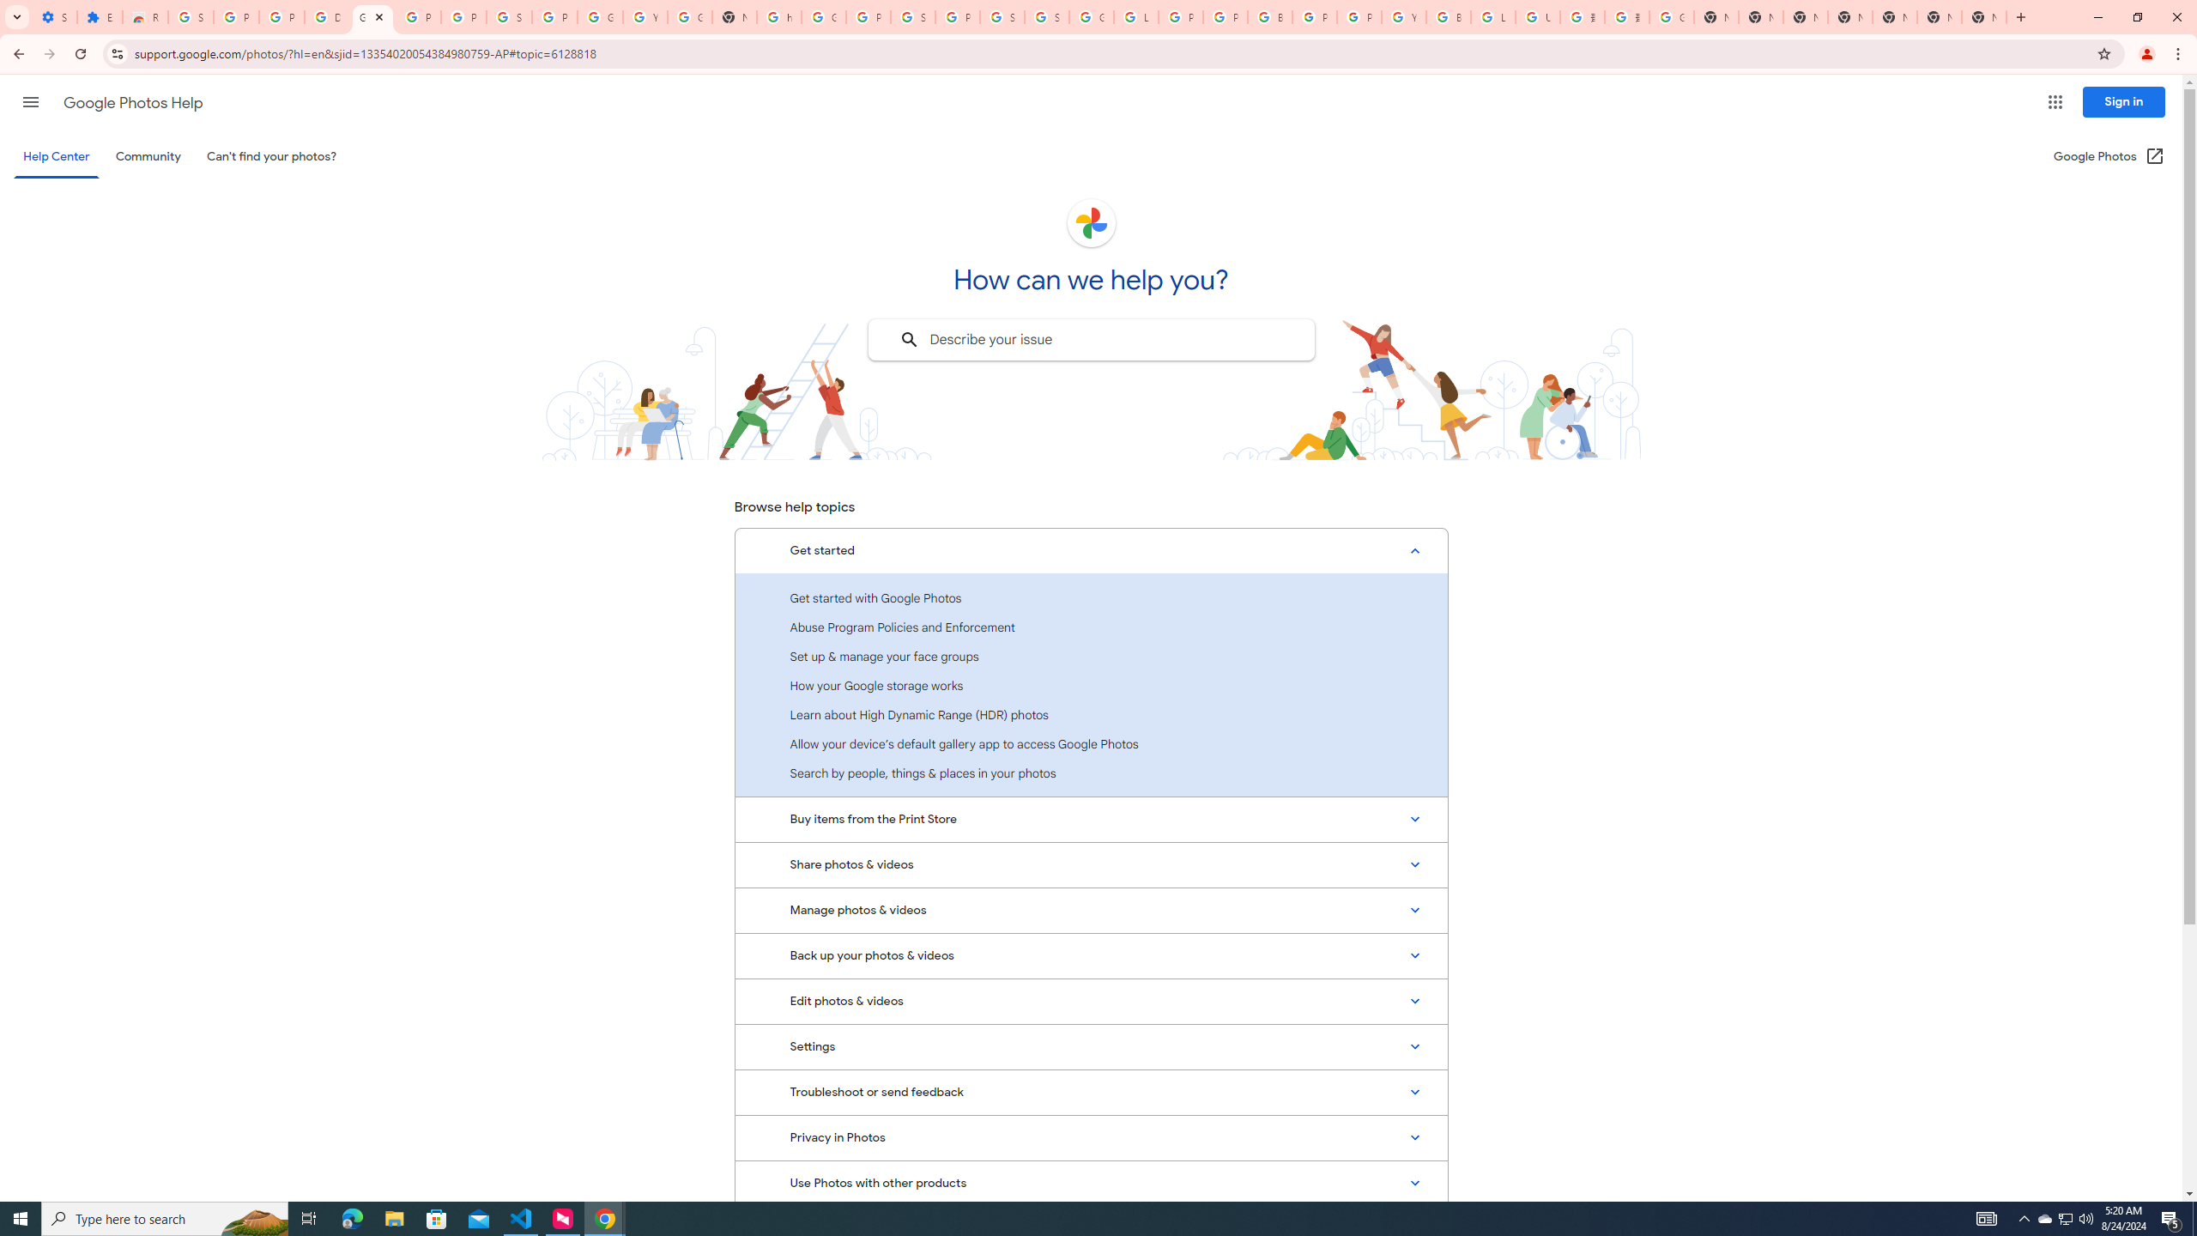 The image size is (2197, 1236). I want to click on 'New Tab', so click(1983, 16).